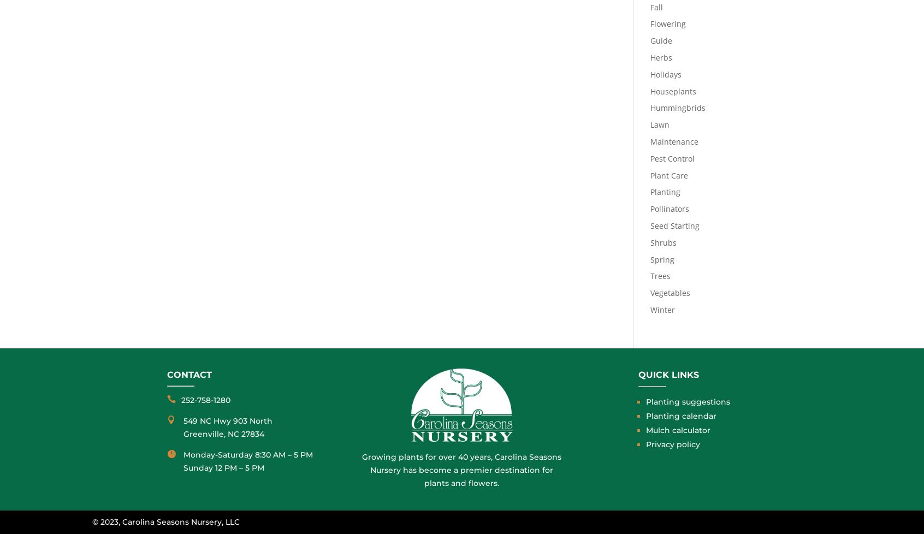  What do you see at coordinates (649, 174) in the screenshot?
I see `'Plant Care'` at bounding box center [649, 174].